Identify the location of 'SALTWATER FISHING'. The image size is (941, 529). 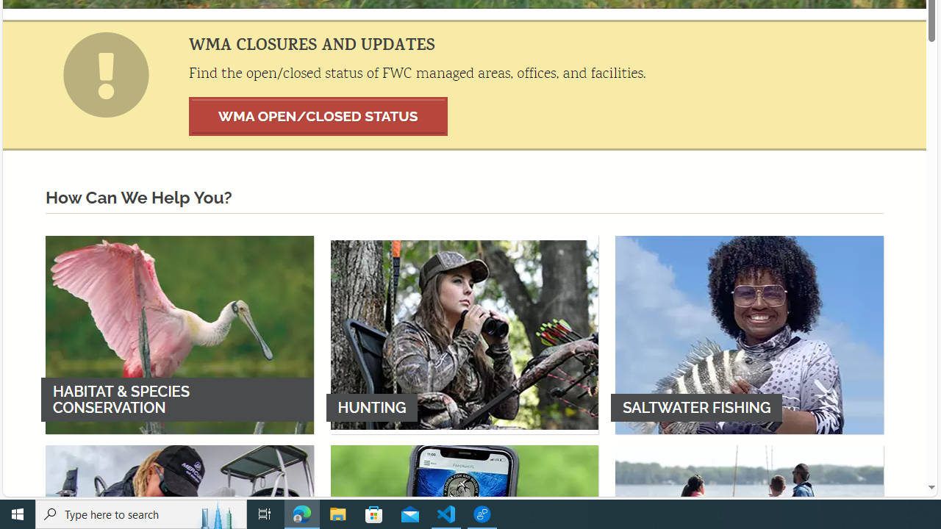
(749, 334).